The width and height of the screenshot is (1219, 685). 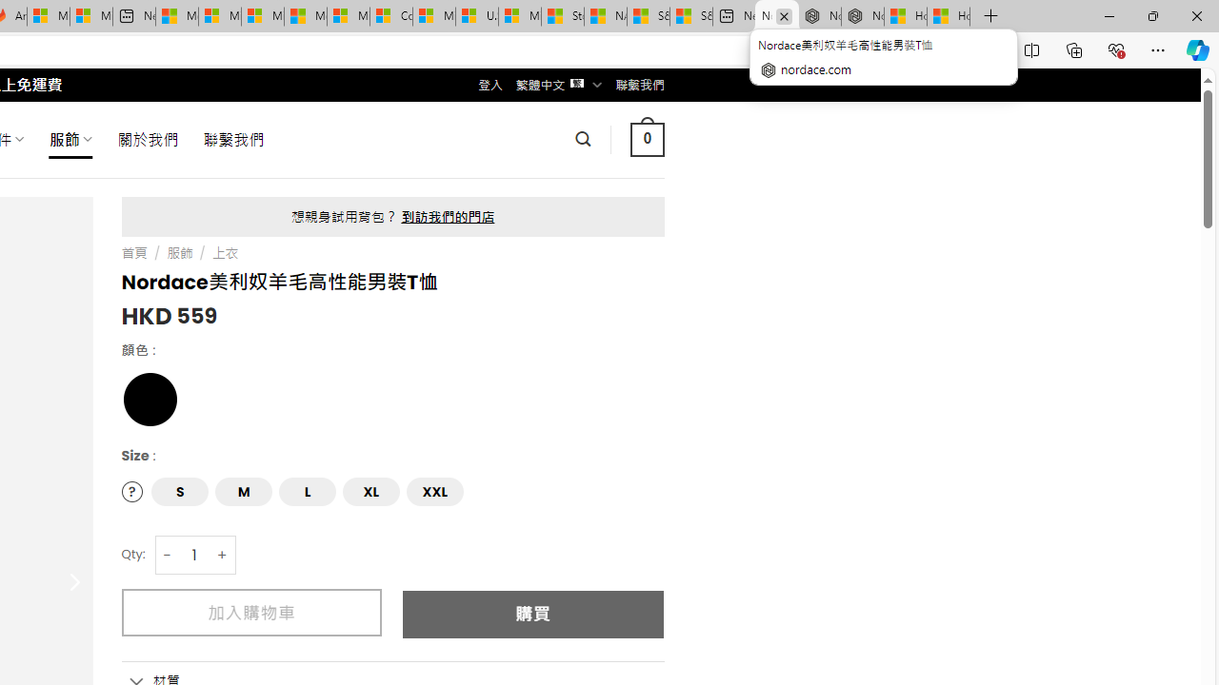 What do you see at coordinates (982, 49) in the screenshot?
I see `'Add this page to favorites (Ctrl+D)'` at bounding box center [982, 49].